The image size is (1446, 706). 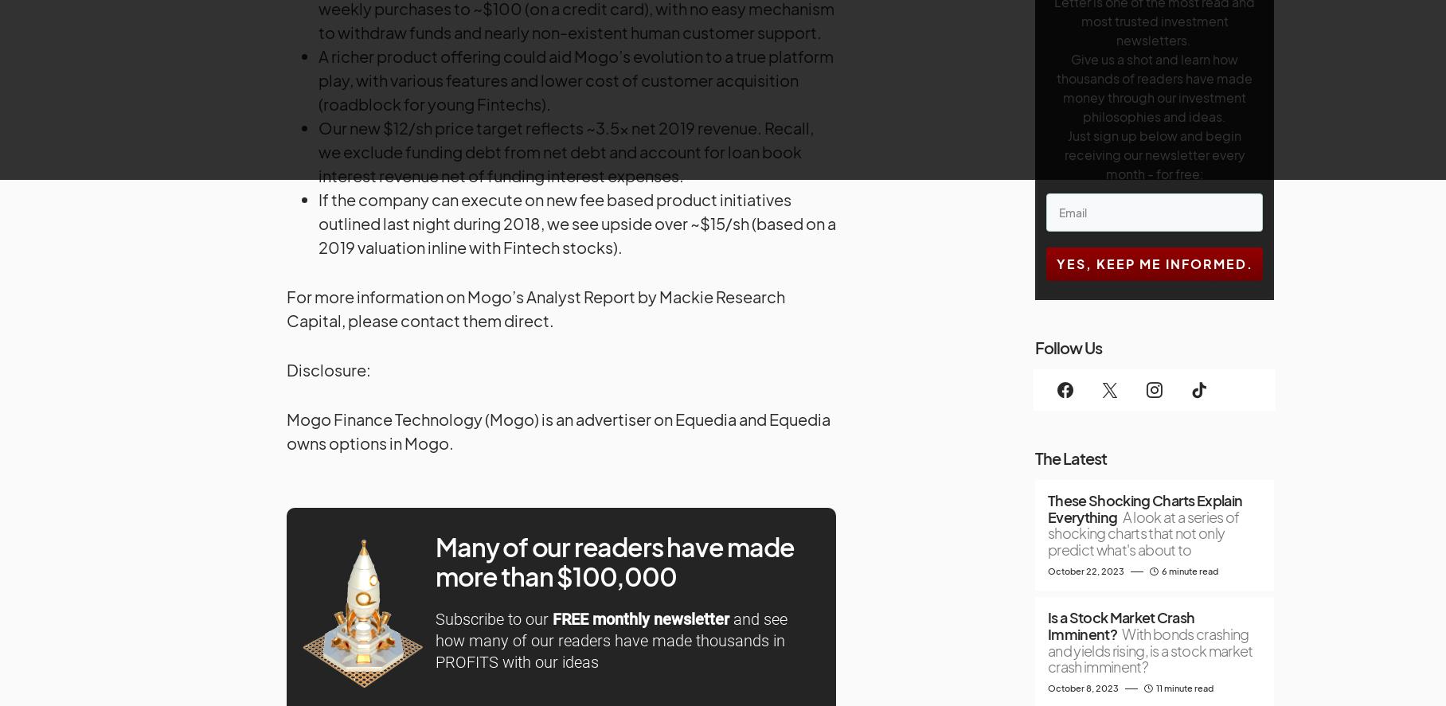 I want to click on 'If the company can execute on new fee based product initiatives outlined last night during 2018, we see upside over ~$15/sh (based on a 2019 valuation inline with Fintech stocks).', so click(x=576, y=222).